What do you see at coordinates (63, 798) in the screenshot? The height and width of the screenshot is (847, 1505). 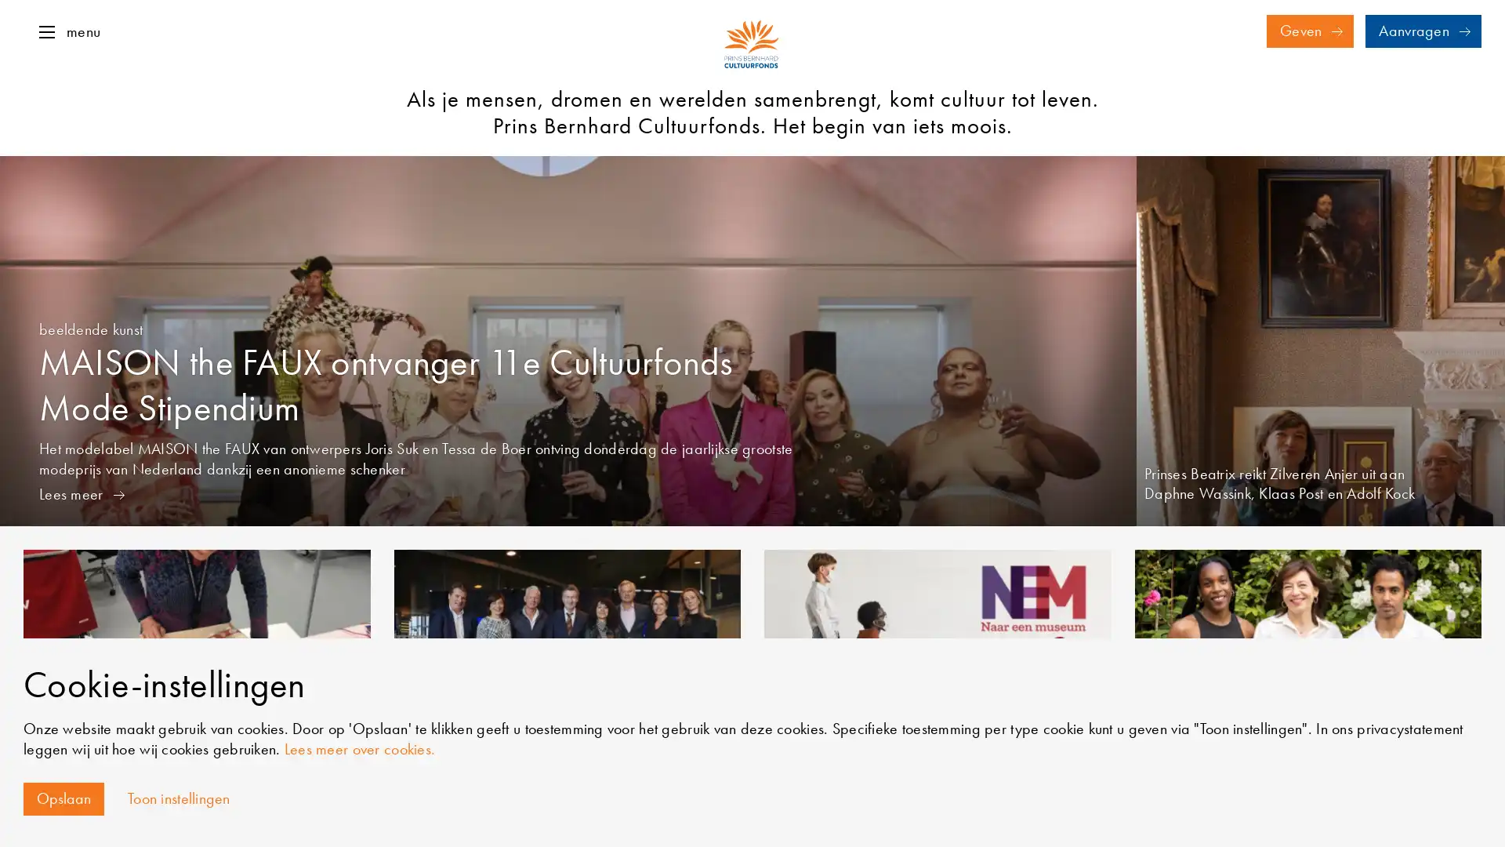 I see `Opslaan` at bounding box center [63, 798].